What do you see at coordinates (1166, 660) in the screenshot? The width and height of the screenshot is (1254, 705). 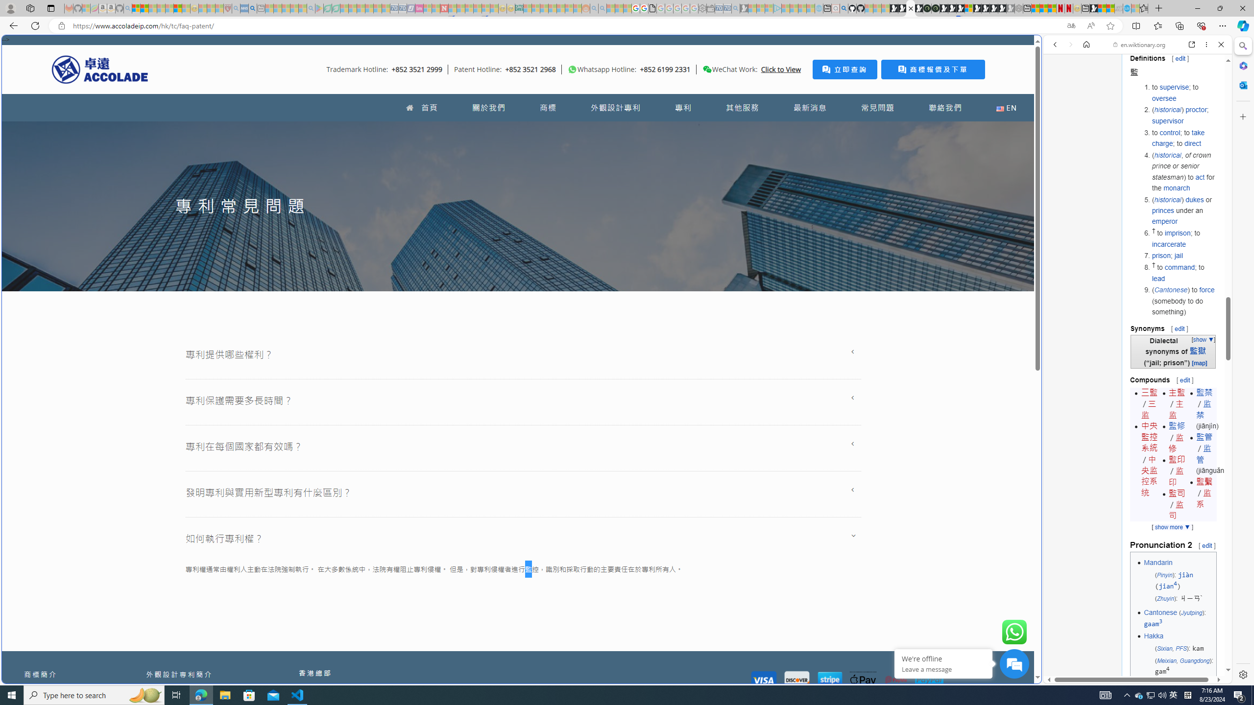 I see `'Meixian'` at bounding box center [1166, 660].